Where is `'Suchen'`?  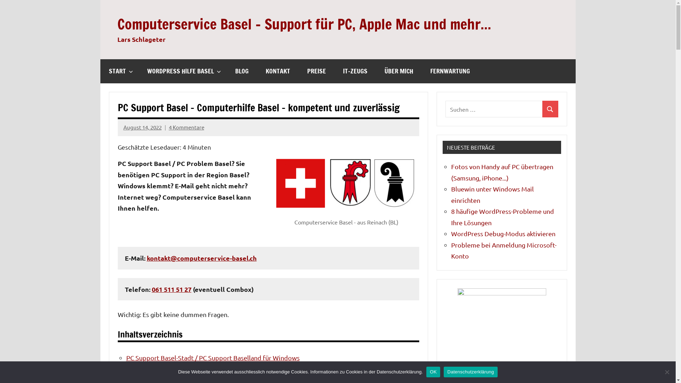 'Suchen' is located at coordinates (550, 109).